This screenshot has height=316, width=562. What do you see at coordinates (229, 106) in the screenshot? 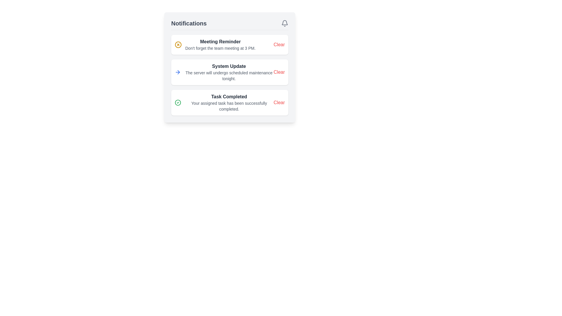
I see `the static text that indicates 'Your assigned task has been successfully completed.' located below the bold 'Task Completed' text within the Notifications section` at bounding box center [229, 106].